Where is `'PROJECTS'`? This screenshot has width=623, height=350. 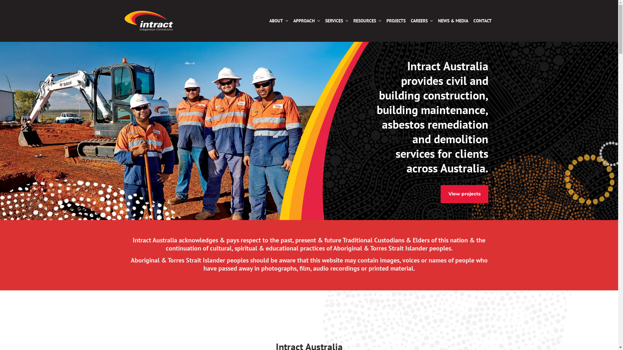
'PROJECTS' is located at coordinates (395, 20).